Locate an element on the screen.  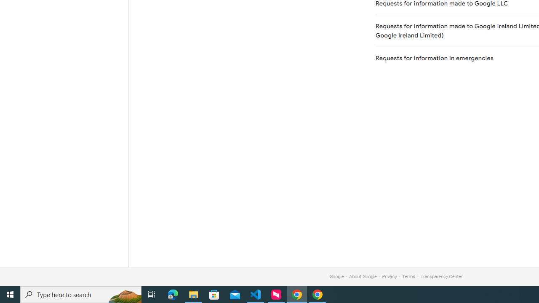
'Transparency Center' is located at coordinates (441, 276).